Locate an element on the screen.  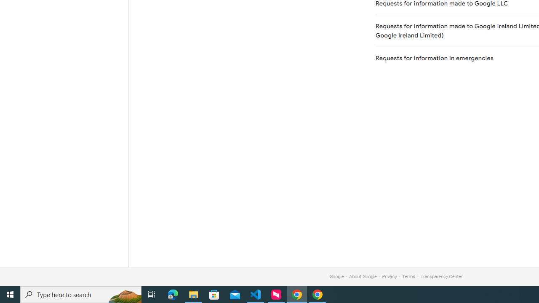
'Transparency Center' is located at coordinates (441, 276).